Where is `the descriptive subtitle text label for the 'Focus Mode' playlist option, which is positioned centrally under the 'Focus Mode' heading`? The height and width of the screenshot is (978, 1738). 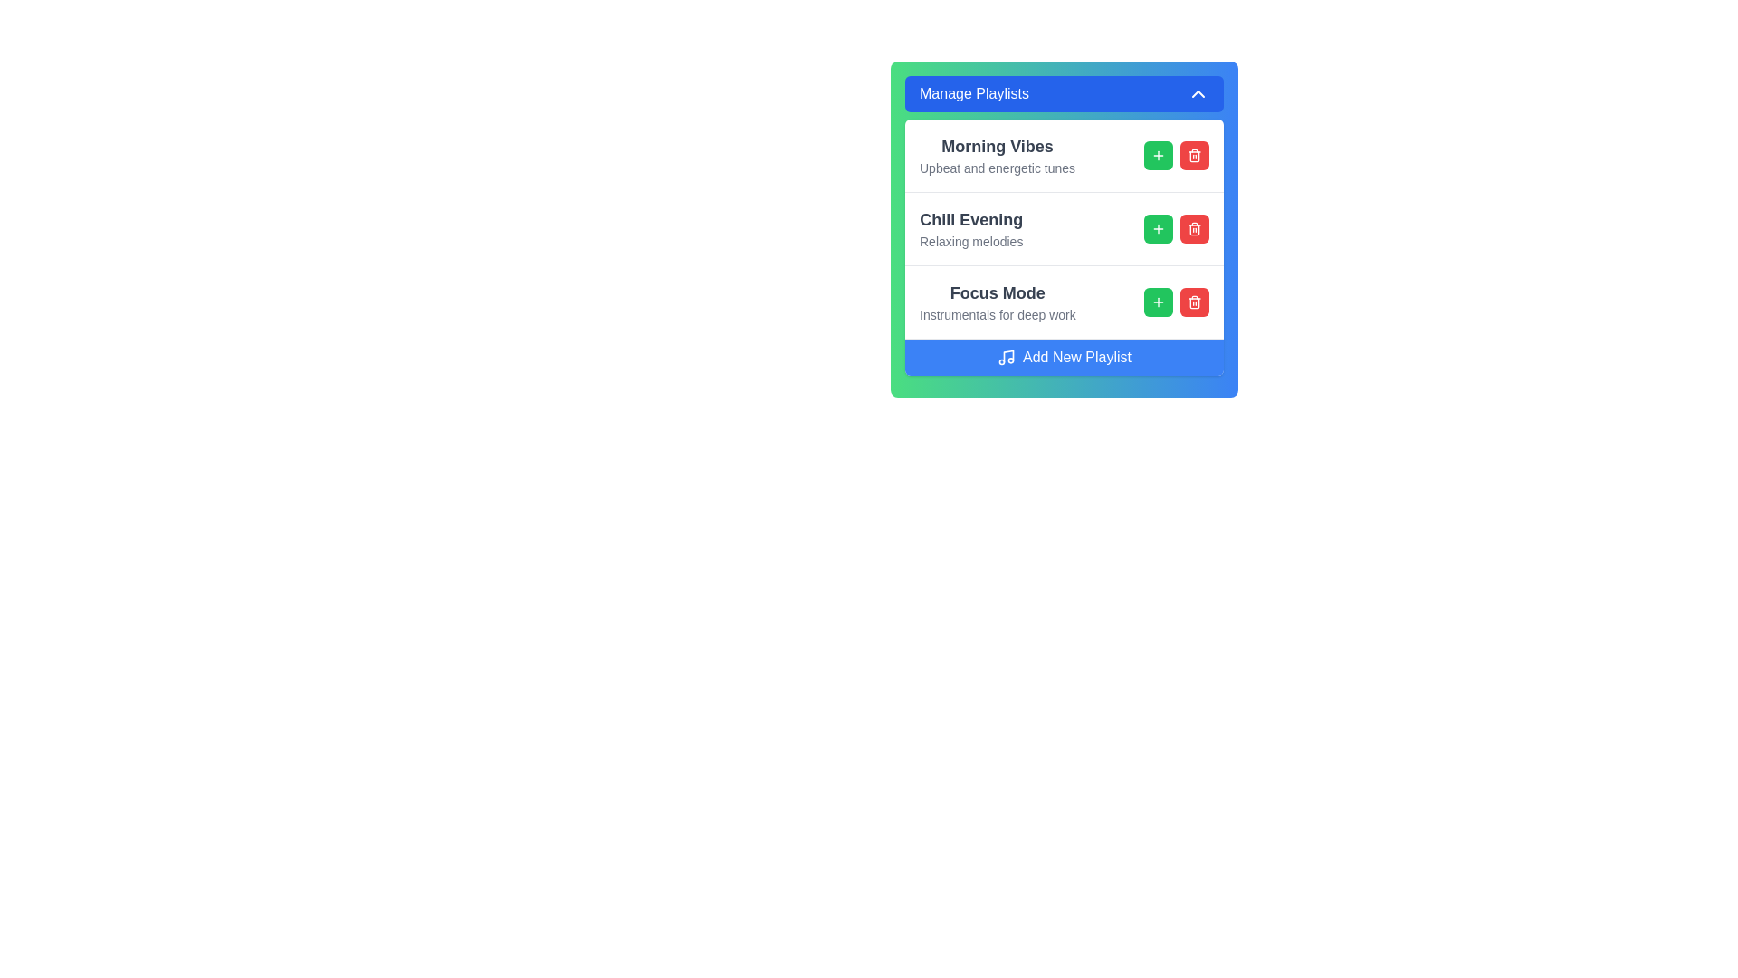 the descriptive subtitle text label for the 'Focus Mode' playlist option, which is positioned centrally under the 'Focus Mode' heading is located at coordinates (997, 313).